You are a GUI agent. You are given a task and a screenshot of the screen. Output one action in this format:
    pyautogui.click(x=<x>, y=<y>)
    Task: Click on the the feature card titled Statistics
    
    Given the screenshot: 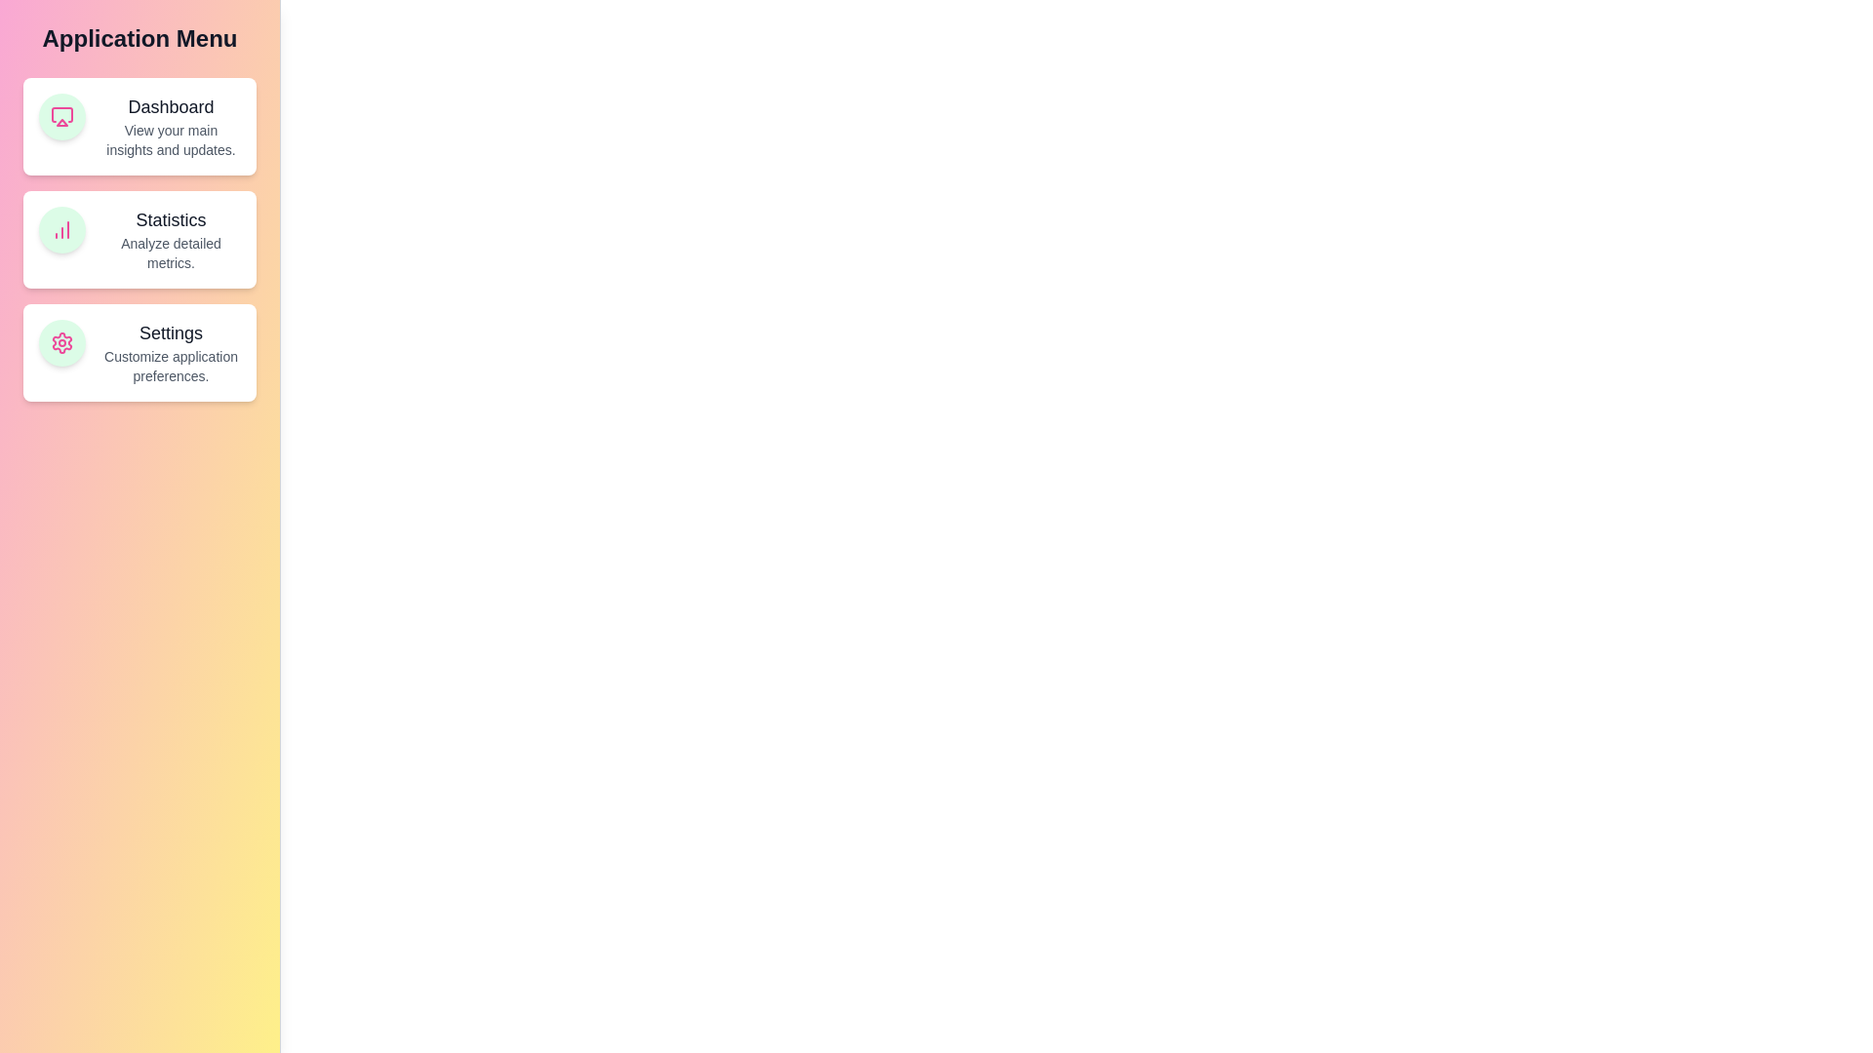 What is the action you would take?
    pyautogui.click(x=139, y=239)
    